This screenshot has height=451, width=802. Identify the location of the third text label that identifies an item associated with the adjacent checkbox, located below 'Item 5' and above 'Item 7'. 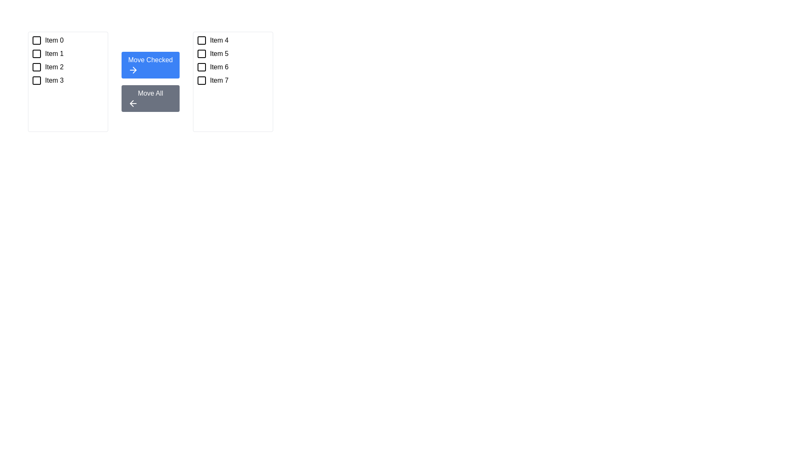
(219, 67).